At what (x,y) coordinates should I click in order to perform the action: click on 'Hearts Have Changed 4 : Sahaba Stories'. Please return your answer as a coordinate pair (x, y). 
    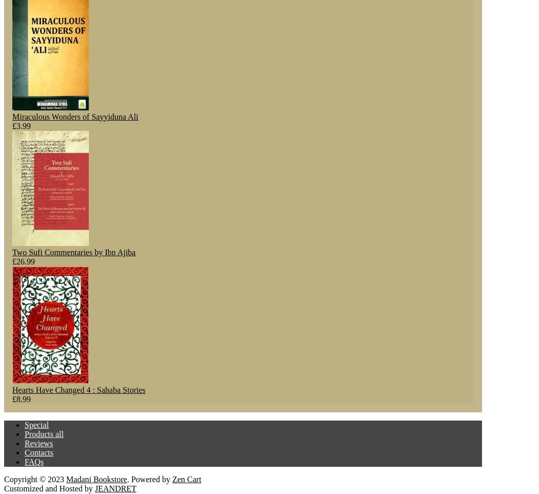
    Looking at the image, I should click on (79, 389).